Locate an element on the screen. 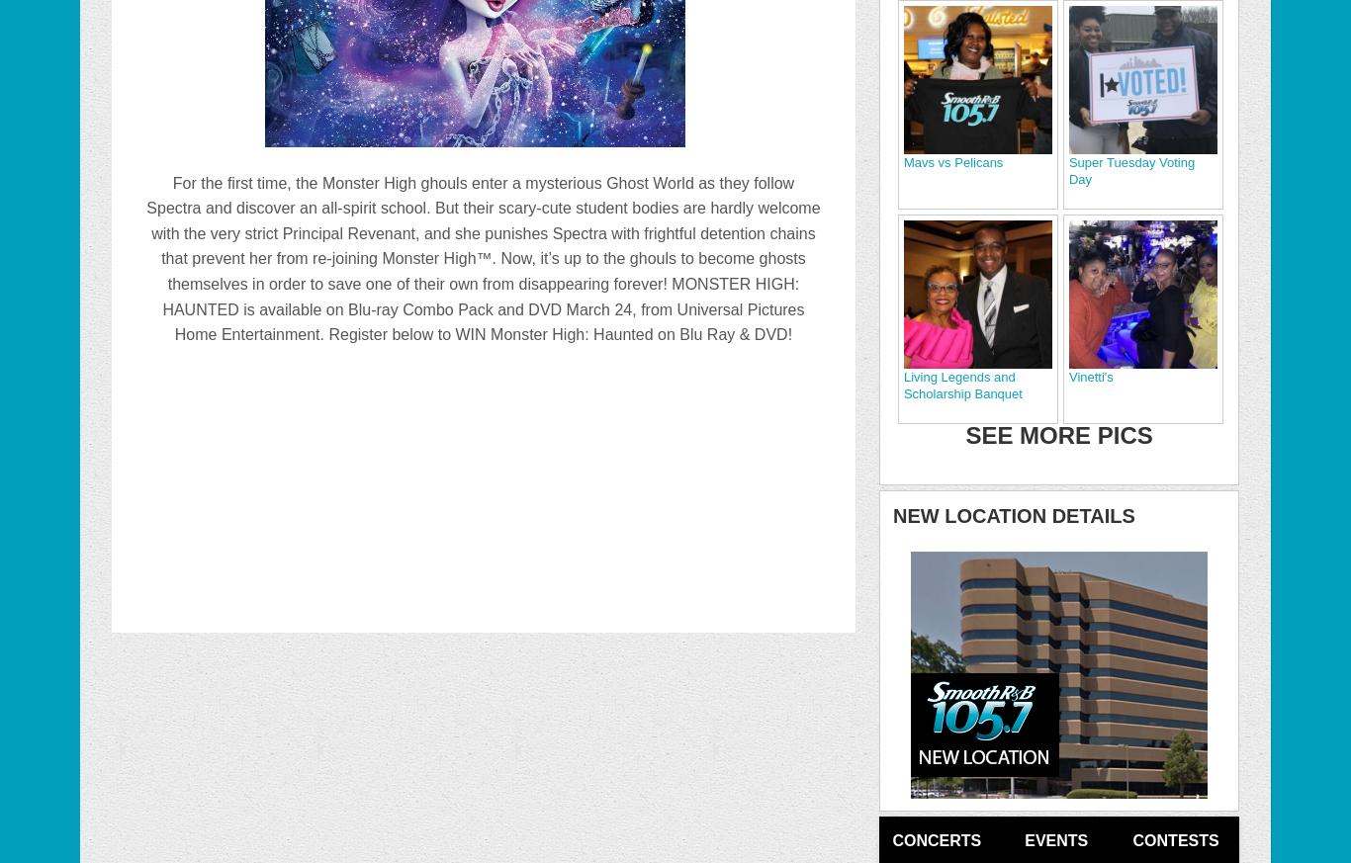 This screenshot has height=863, width=1351. 'Vinetti's' is located at coordinates (1089, 376).